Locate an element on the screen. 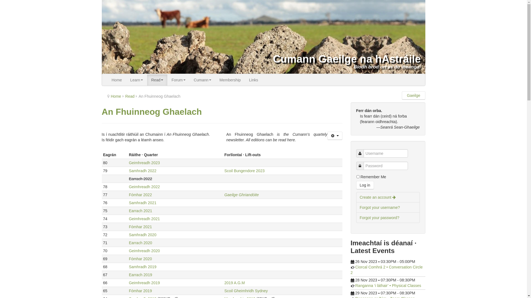  'Scoil Gheimhridh Sydney' is located at coordinates (246, 290).